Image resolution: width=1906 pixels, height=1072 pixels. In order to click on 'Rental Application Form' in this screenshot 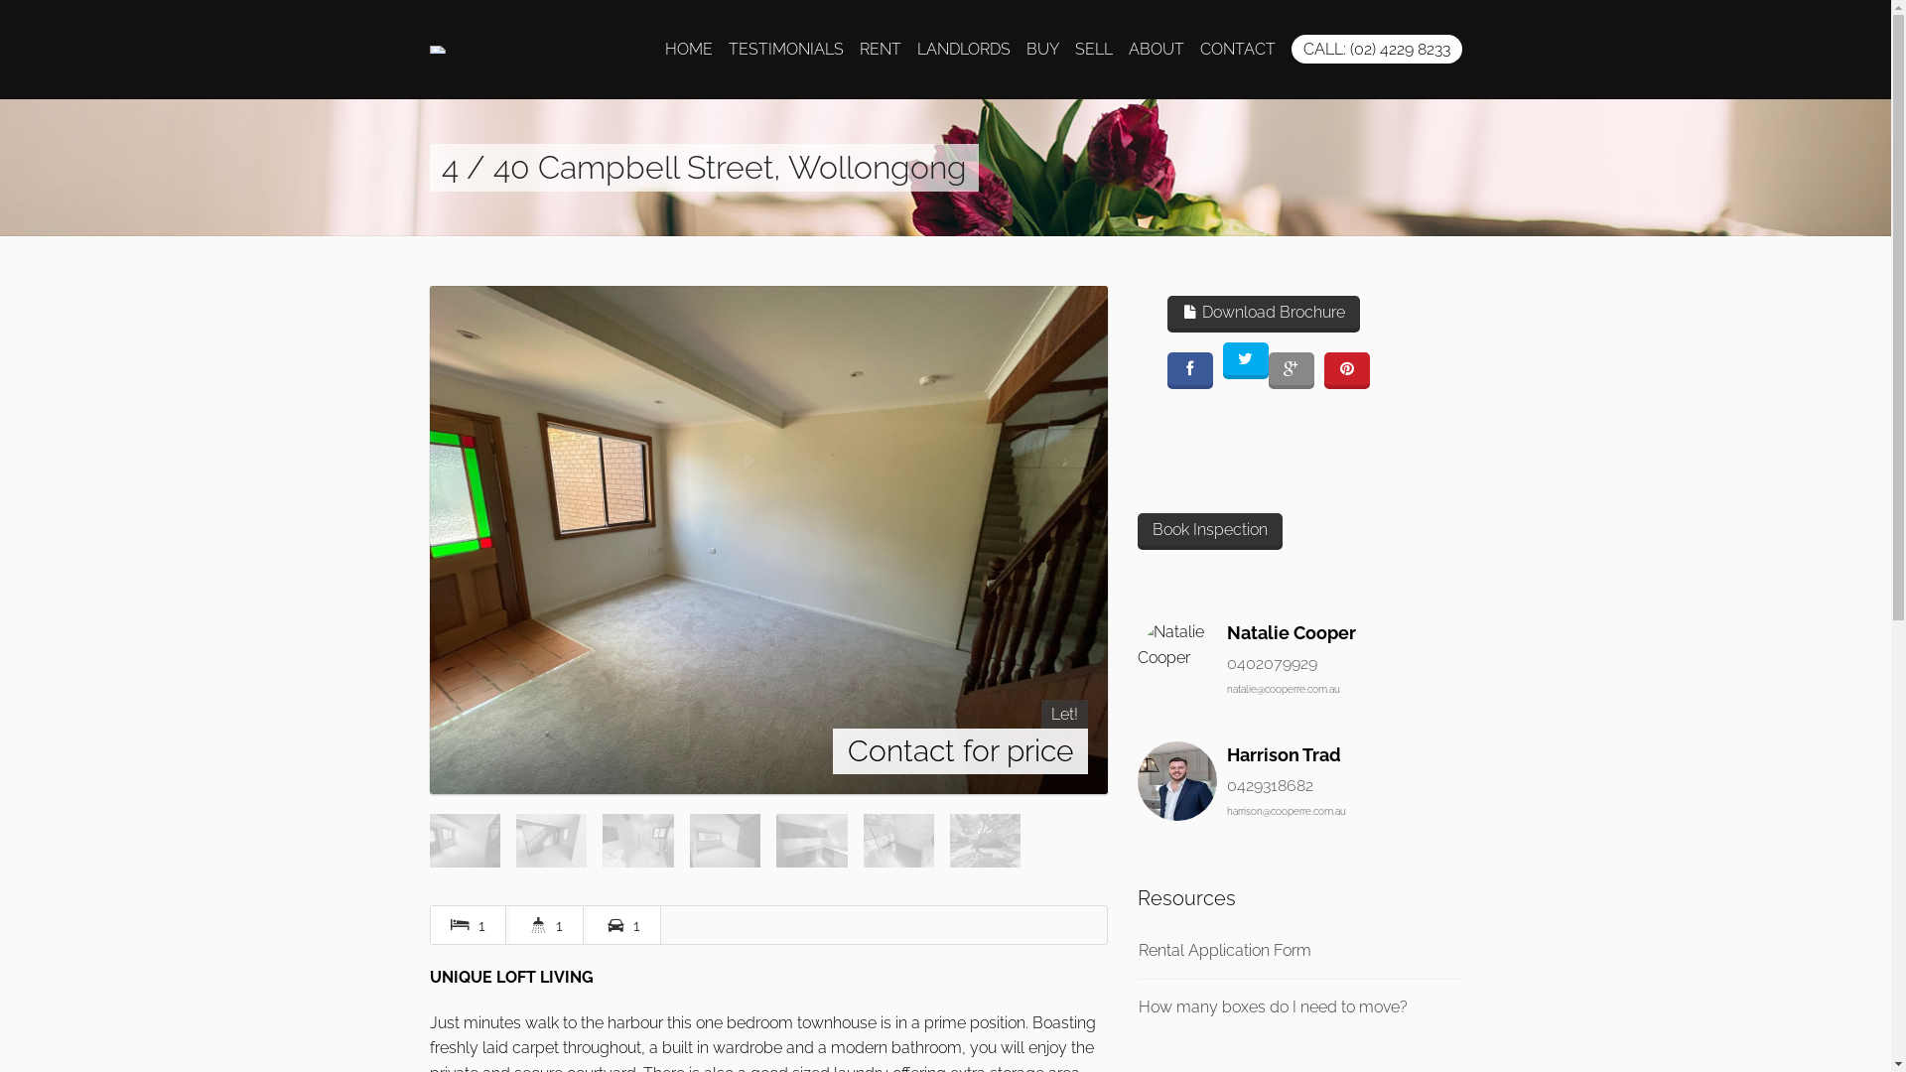, I will do `click(1223, 949)`.